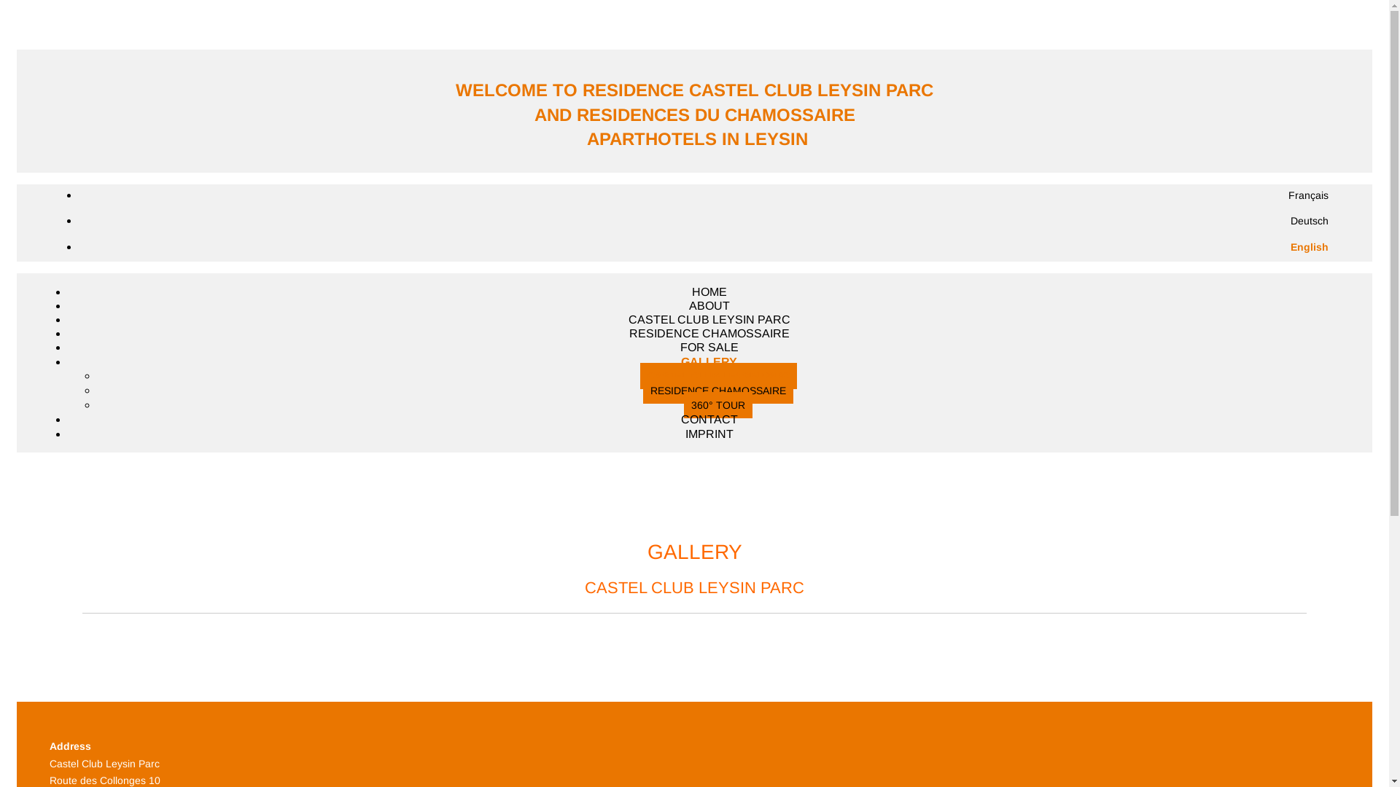 This screenshot has height=787, width=1400. What do you see at coordinates (1309, 221) in the screenshot?
I see `'Deutsch'` at bounding box center [1309, 221].